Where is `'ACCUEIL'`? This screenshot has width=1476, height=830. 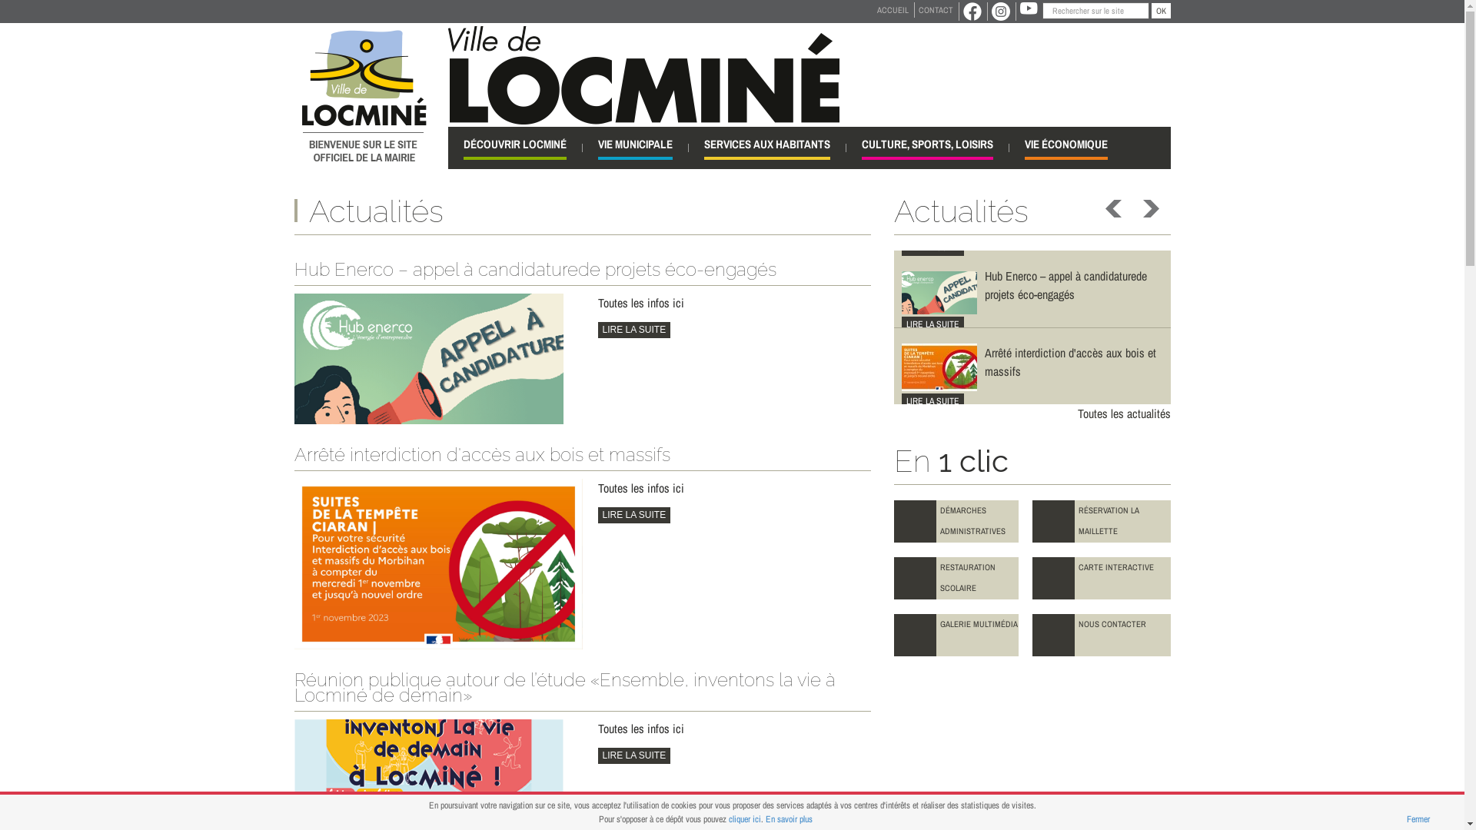
'ACCUEIL' is located at coordinates (893, 9).